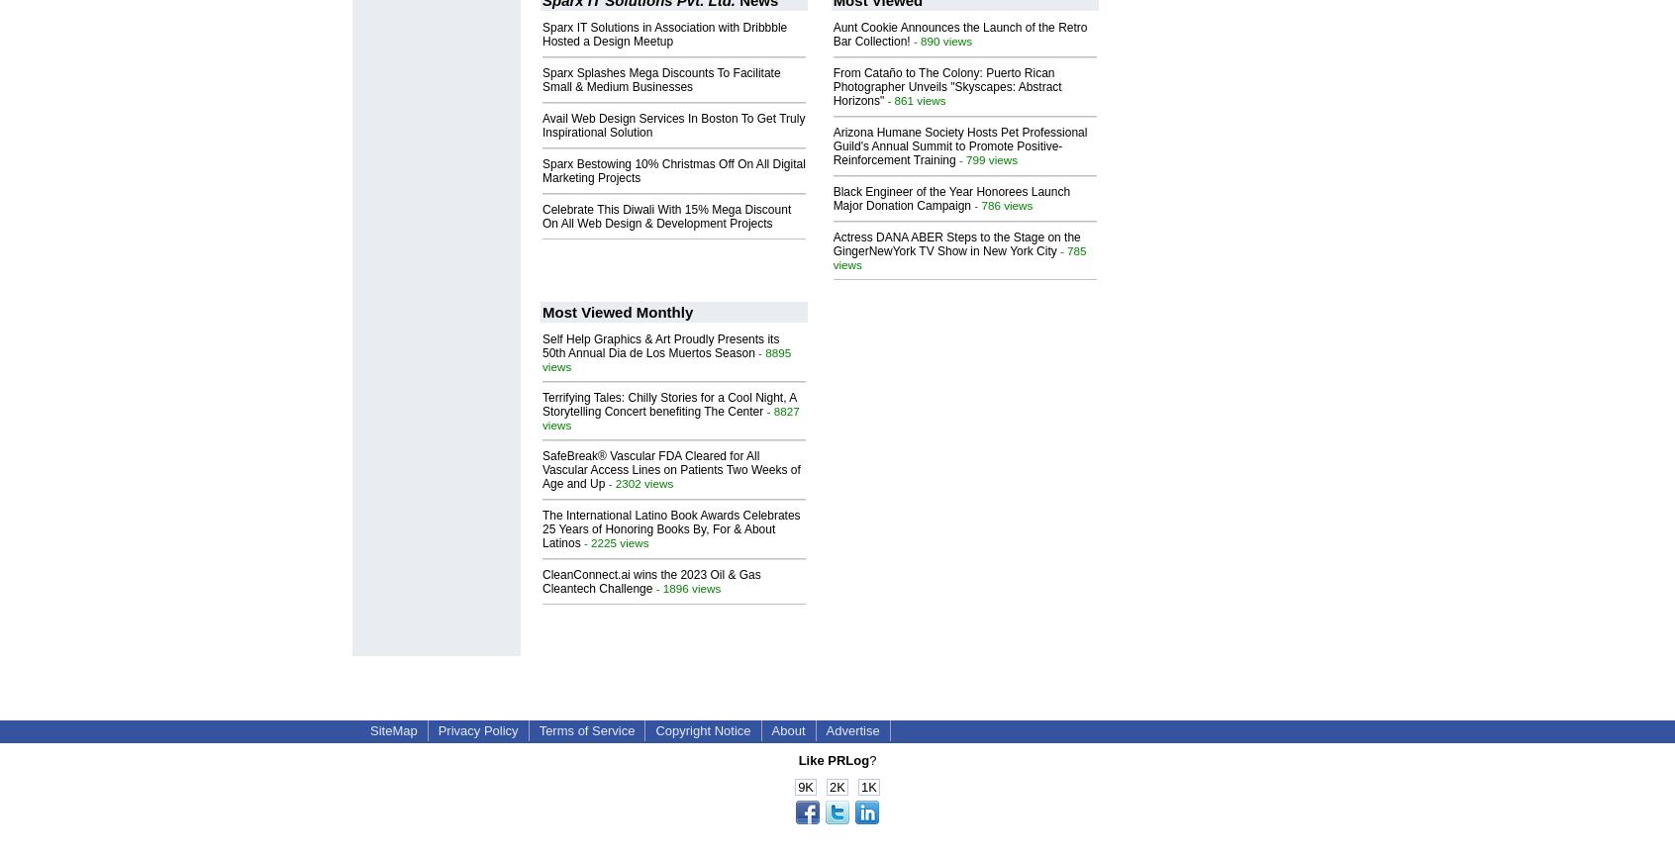  Describe the element at coordinates (673, 125) in the screenshot. I see `'Avail Web Design Services In Boston To Get Truly Inspirational Solution'` at that location.